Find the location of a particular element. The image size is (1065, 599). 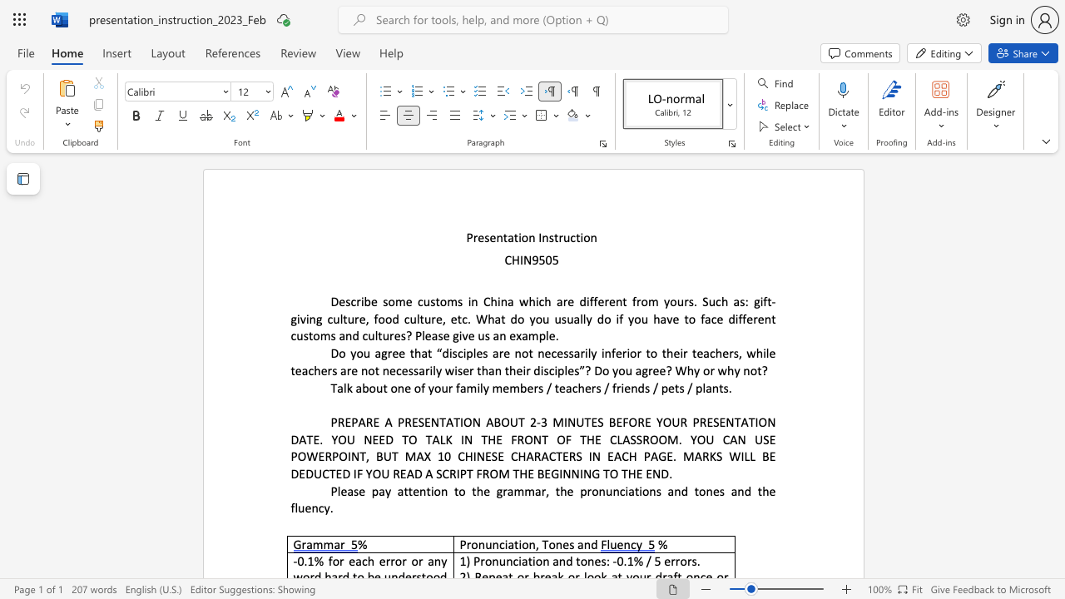

the subset text "ion to the grammar, the pronunci" within the text "Please pay attention to the grammar, the pronunciations and tones and the fluency." is located at coordinates (430, 490).